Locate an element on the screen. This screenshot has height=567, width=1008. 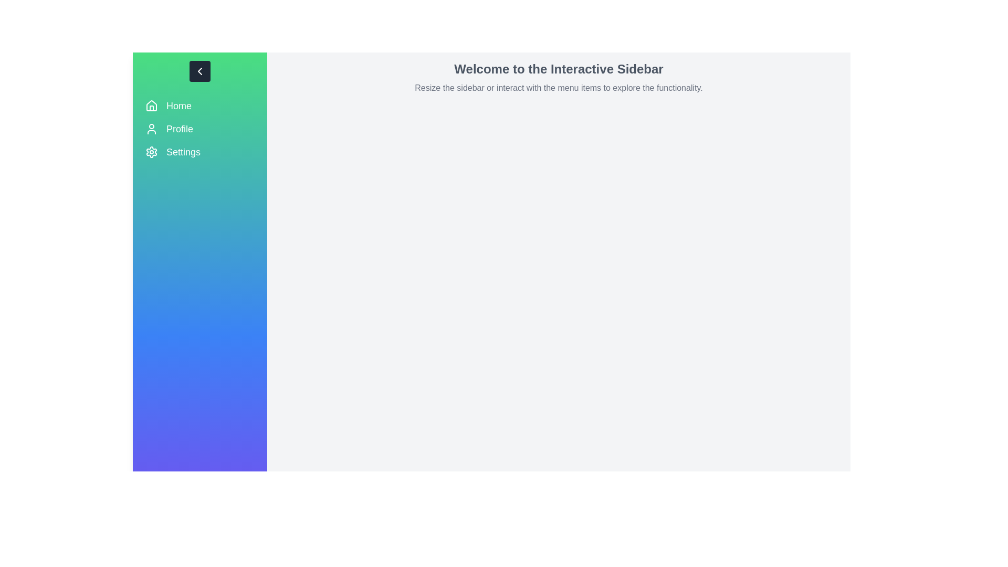
toggle button to collapse the sidebar is located at coordinates (199, 71).